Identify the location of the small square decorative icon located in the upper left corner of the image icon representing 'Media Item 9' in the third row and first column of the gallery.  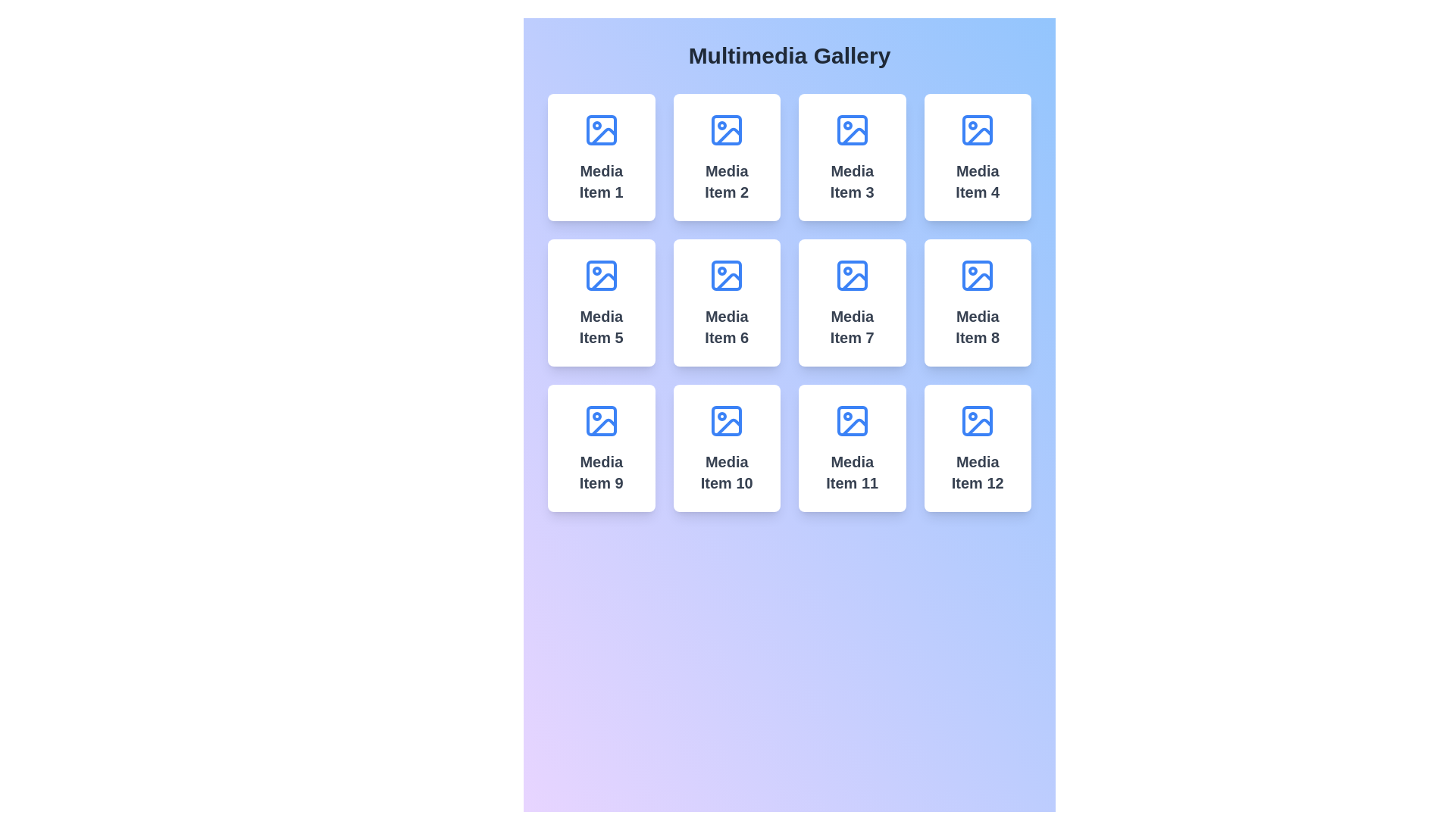
(600, 420).